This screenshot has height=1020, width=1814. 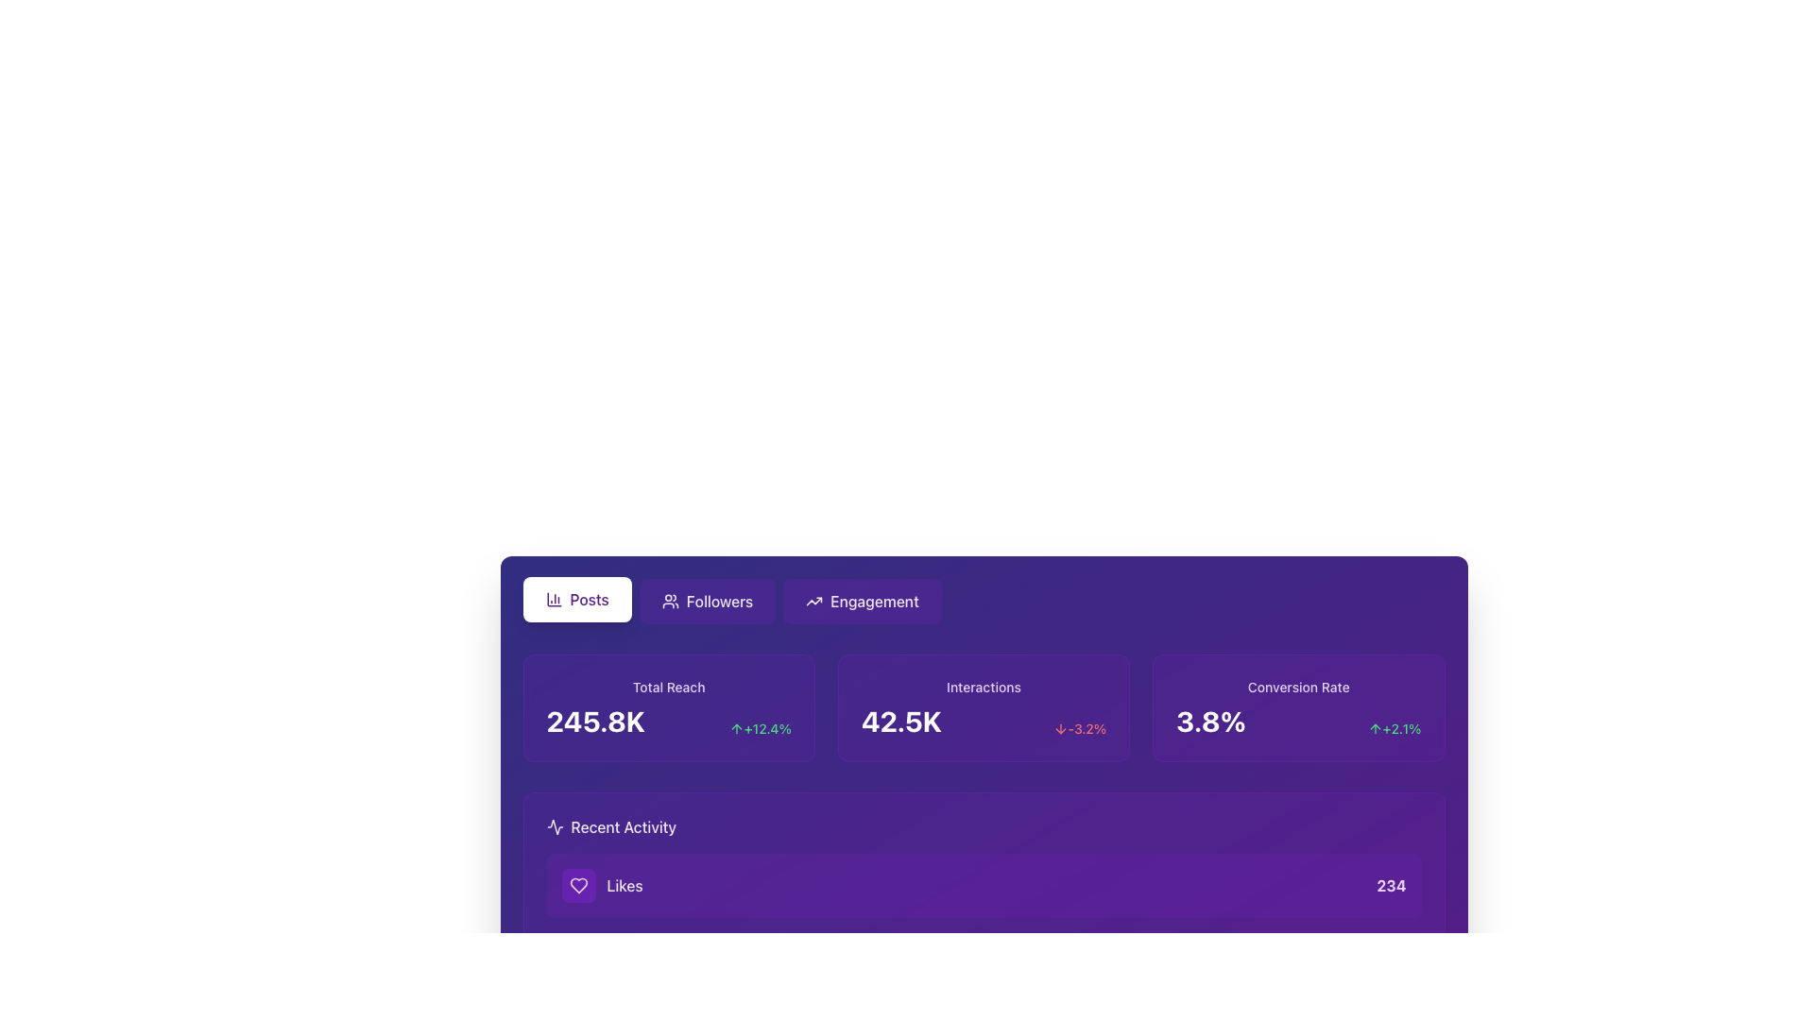 I want to click on the 'Posts' button icon, so click(x=553, y=600).